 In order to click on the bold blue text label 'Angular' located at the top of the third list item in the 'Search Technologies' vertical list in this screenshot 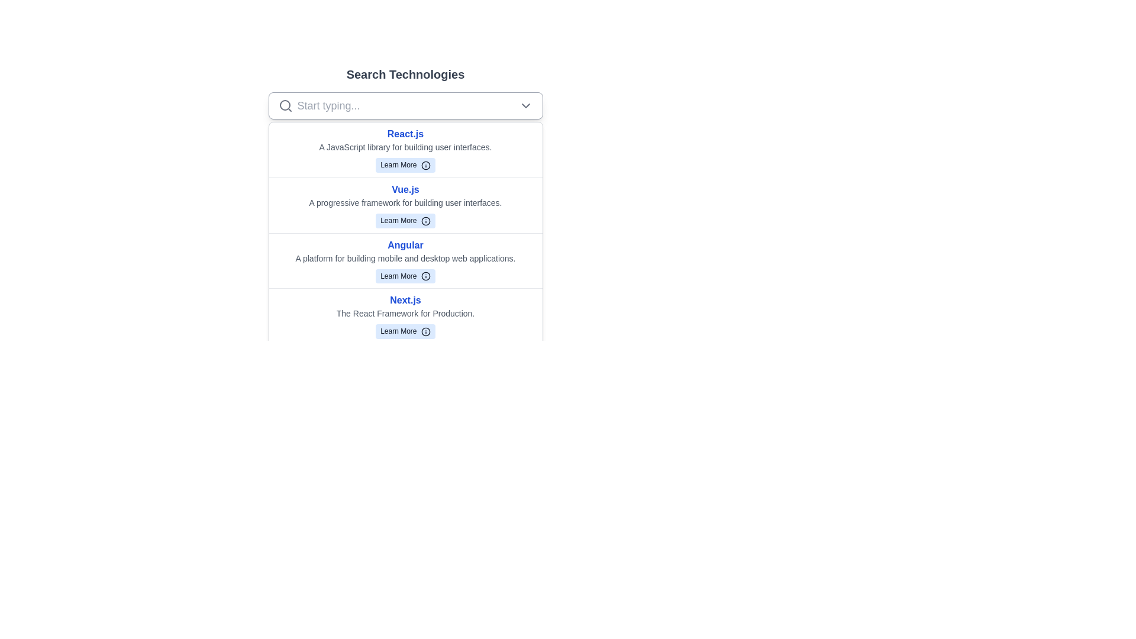, I will do `click(405, 244)`.